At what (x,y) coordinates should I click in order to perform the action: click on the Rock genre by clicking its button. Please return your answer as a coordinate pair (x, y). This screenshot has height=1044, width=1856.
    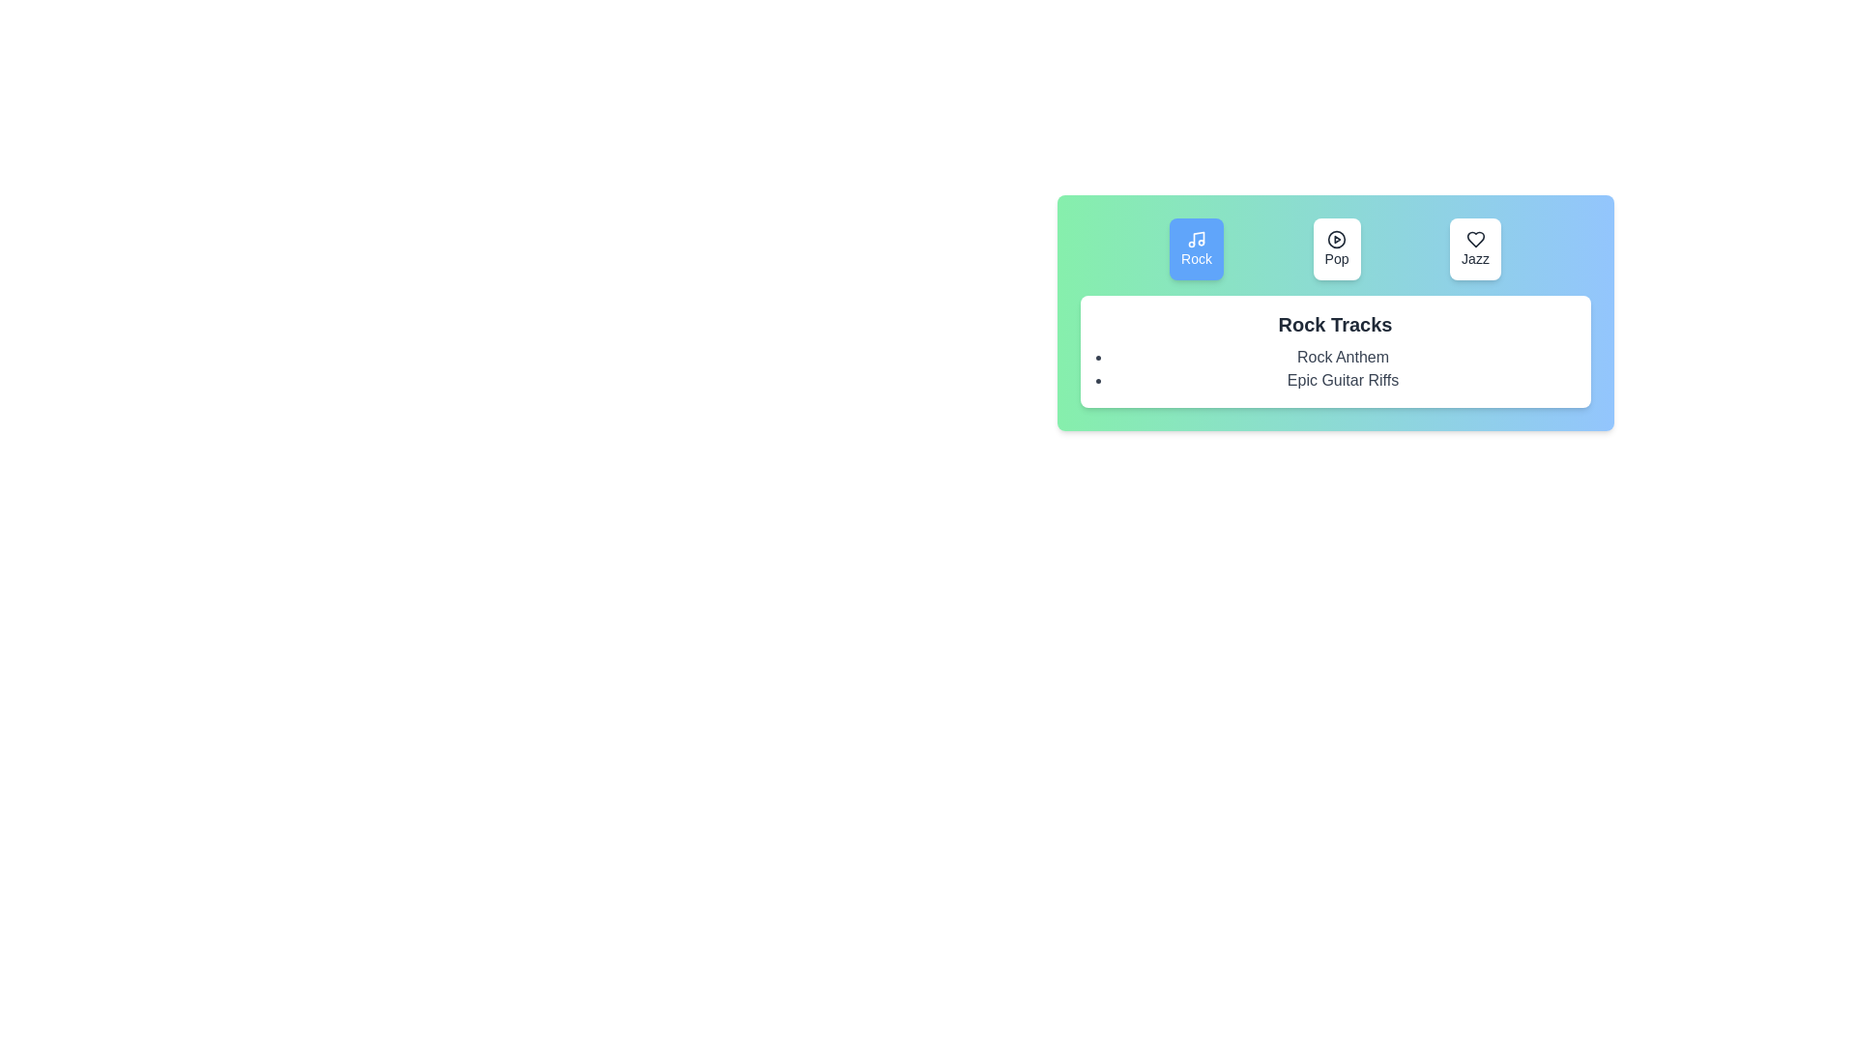
    Looking at the image, I should click on (1196, 248).